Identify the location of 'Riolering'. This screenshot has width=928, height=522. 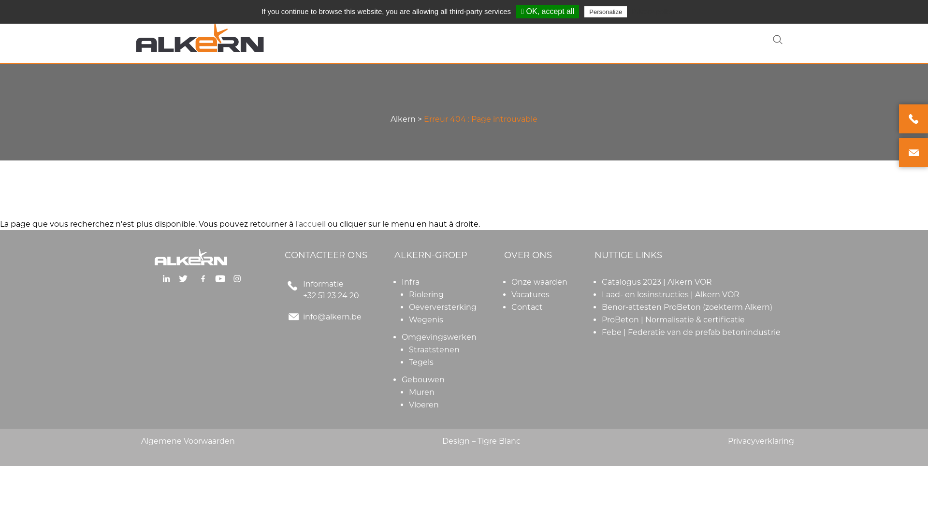
(426, 294).